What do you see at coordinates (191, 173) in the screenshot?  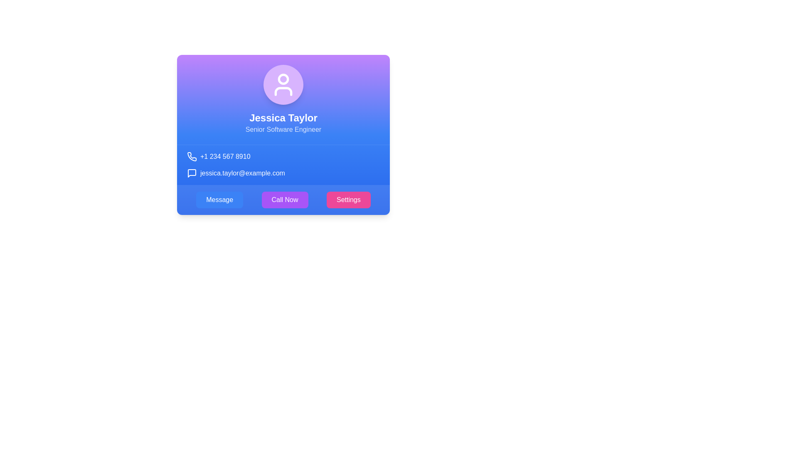 I see `the messaging icon located to the left of the email address 'jessica.taylor@example.com' in the middle section of the card interface` at bounding box center [191, 173].